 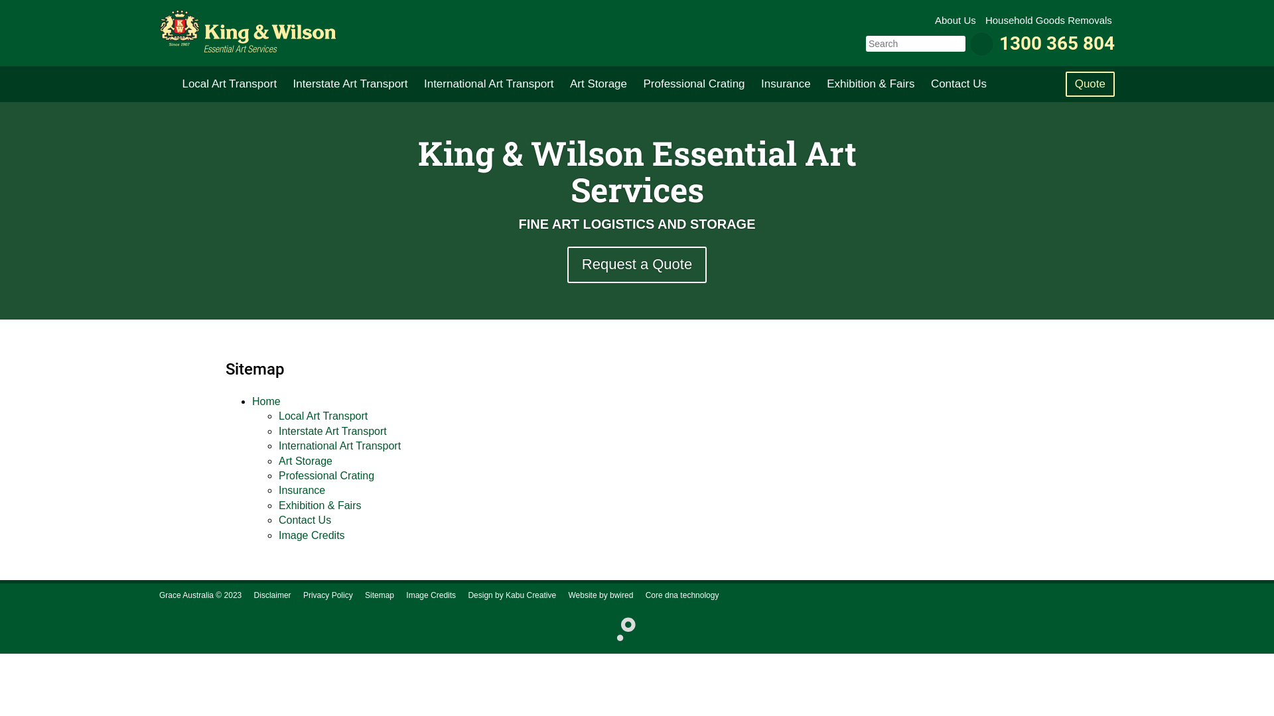 I want to click on 'Core dna technology', so click(x=682, y=595).